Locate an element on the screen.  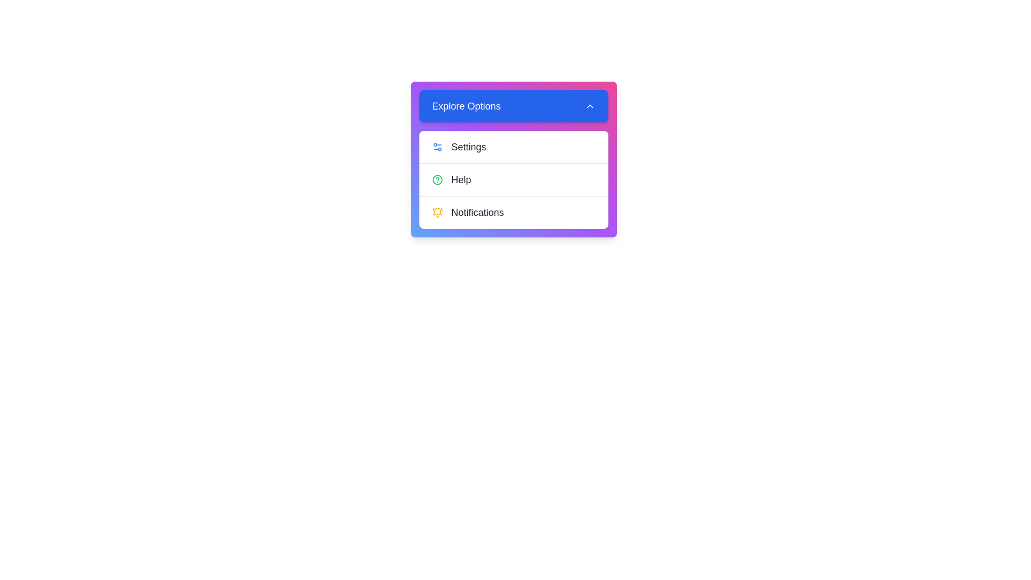
the 'Explore Options' button to toggle the menu is located at coordinates (513, 106).